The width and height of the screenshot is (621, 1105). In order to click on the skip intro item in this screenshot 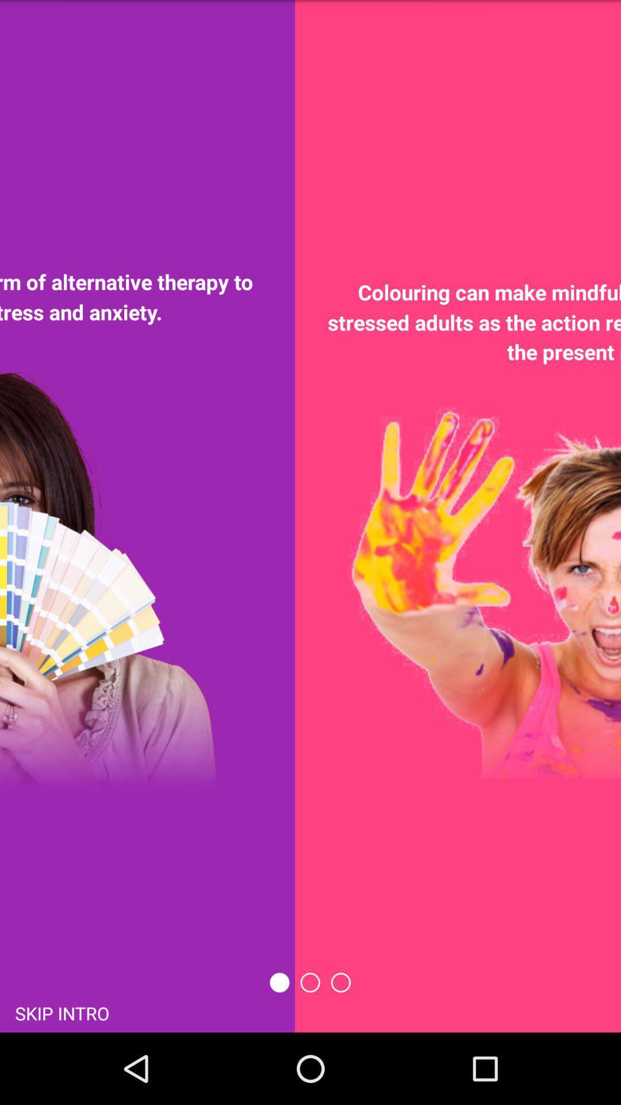, I will do `click(62, 1012)`.